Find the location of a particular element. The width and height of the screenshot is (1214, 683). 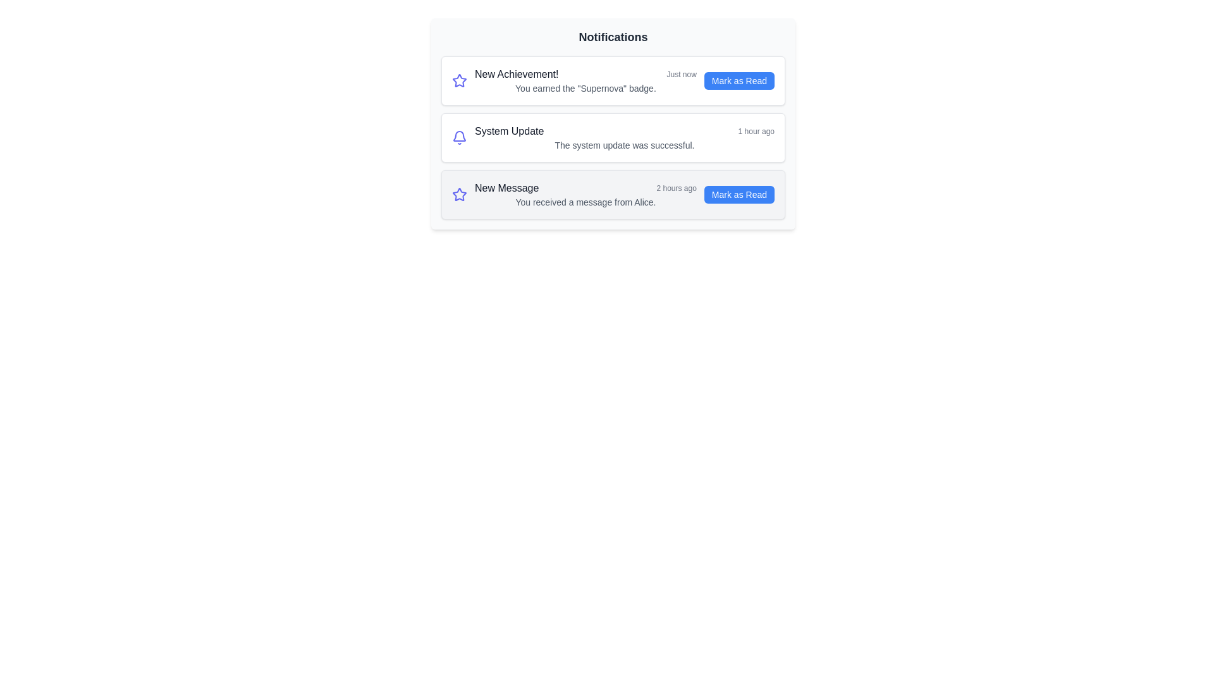

the text element displaying 'The system update was successful.' which is located below the bold heading 'System Update' in the second notification item is located at coordinates (625, 145).